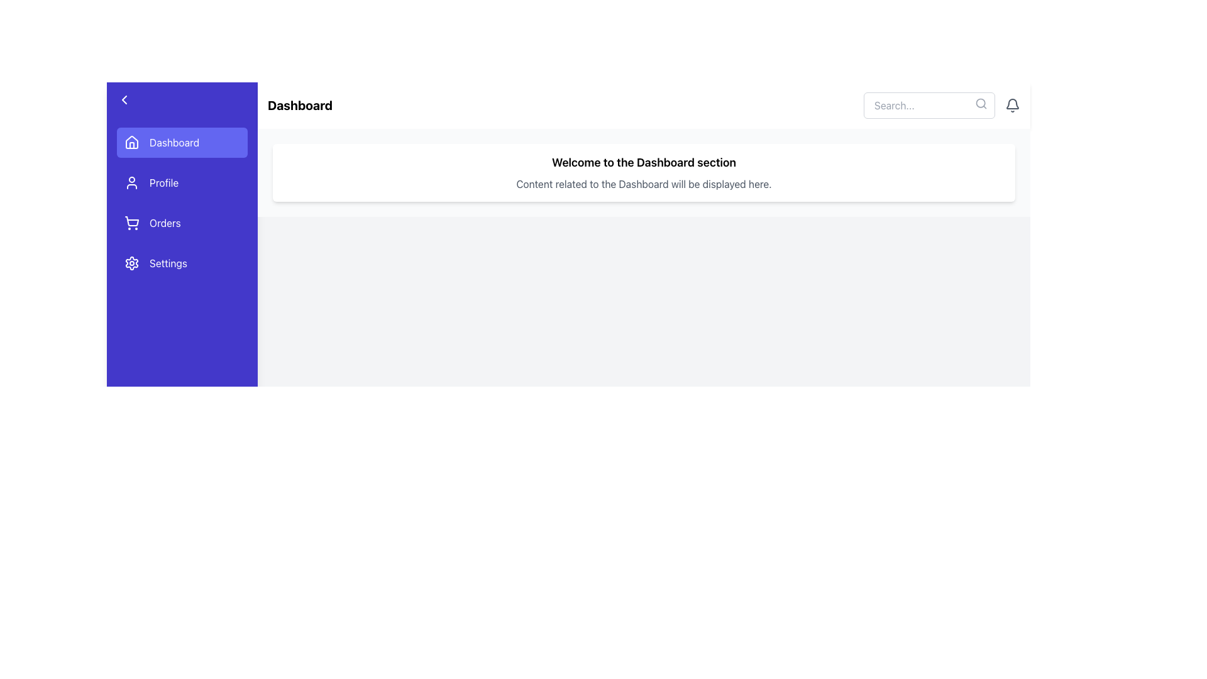 The width and height of the screenshot is (1207, 679). I want to click on the left-pointing chevron icon located in the top section of the vertical menu bar on the left-hand side, so click(124, 99).